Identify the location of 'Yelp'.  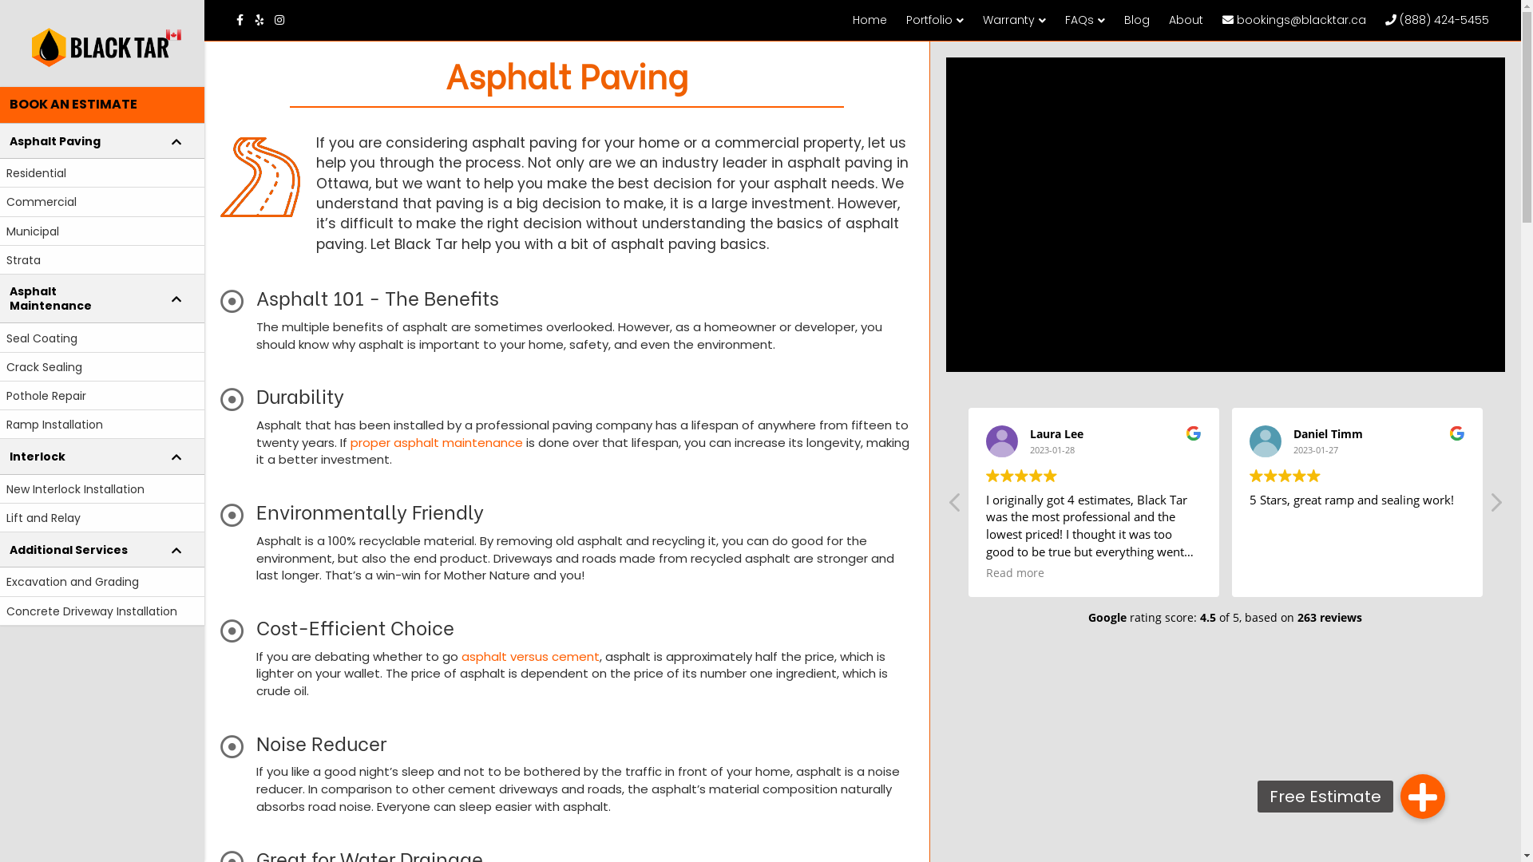
(264, 18).